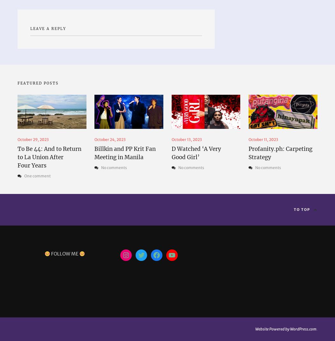 This screenshot has width=335, height=341. Describe the element at coordinates (196, 152) in the screenshot. I see `'D Watched ‘A Very Good Girl’'` at that location.